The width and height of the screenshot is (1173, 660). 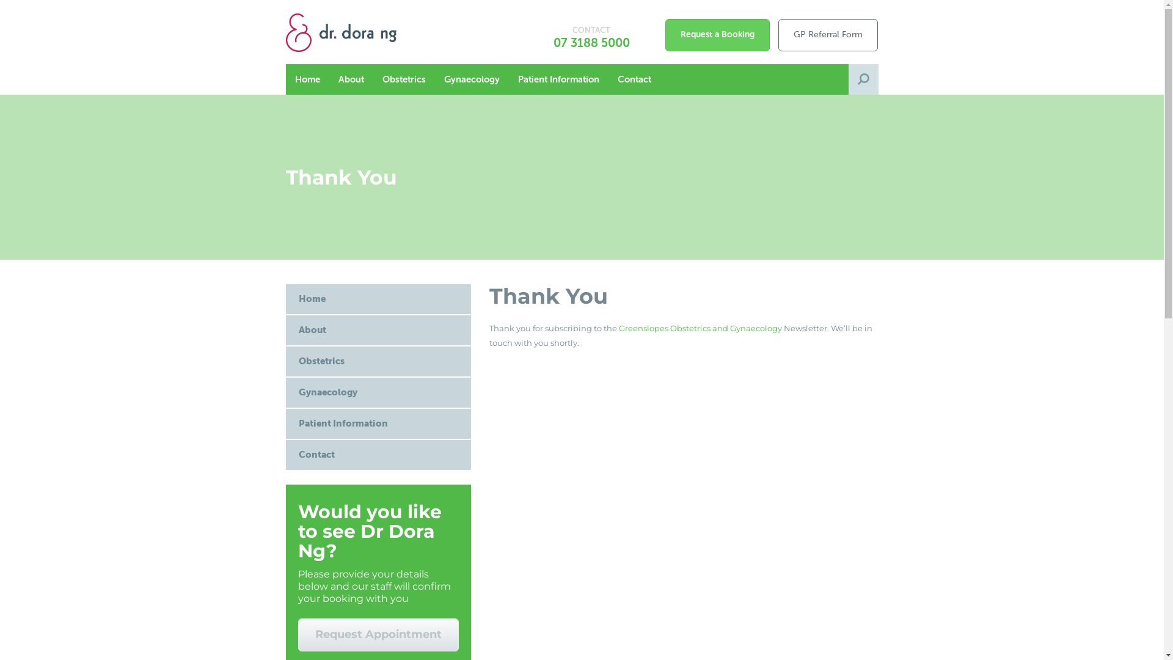 I want to click on 'Greenslopes Obstetrics and Gynaecology', so click(x=700, y=327).